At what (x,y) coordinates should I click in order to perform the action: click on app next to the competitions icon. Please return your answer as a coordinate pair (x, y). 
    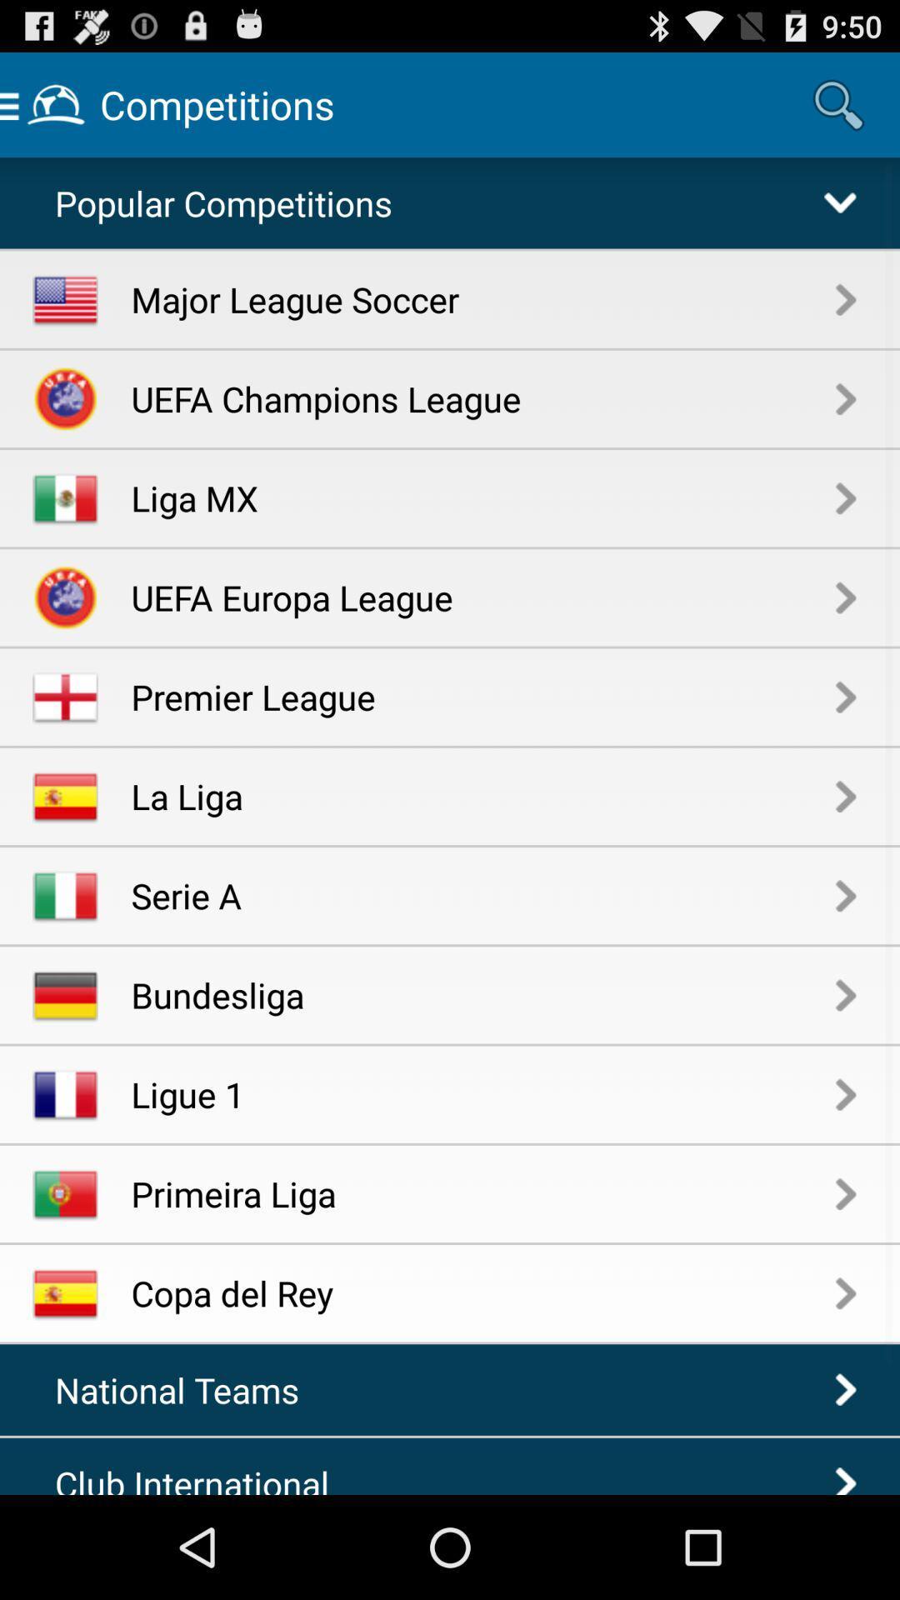
    Looking at the image, I should click on (838, 103).